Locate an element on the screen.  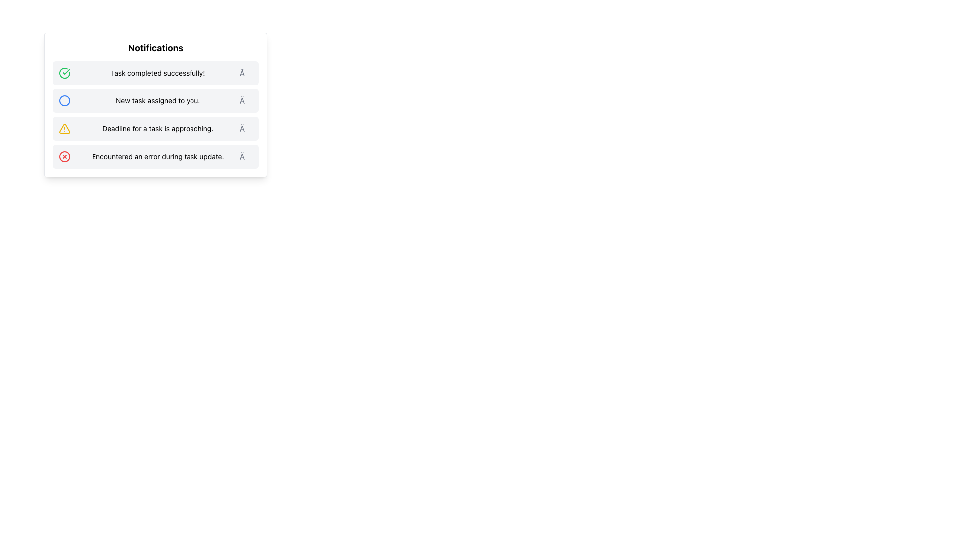
the circular icon or indicator located to the left of the notification text for 'Task completed successfully!' in the upper section of the notification list is located at coordinates (64, 72).